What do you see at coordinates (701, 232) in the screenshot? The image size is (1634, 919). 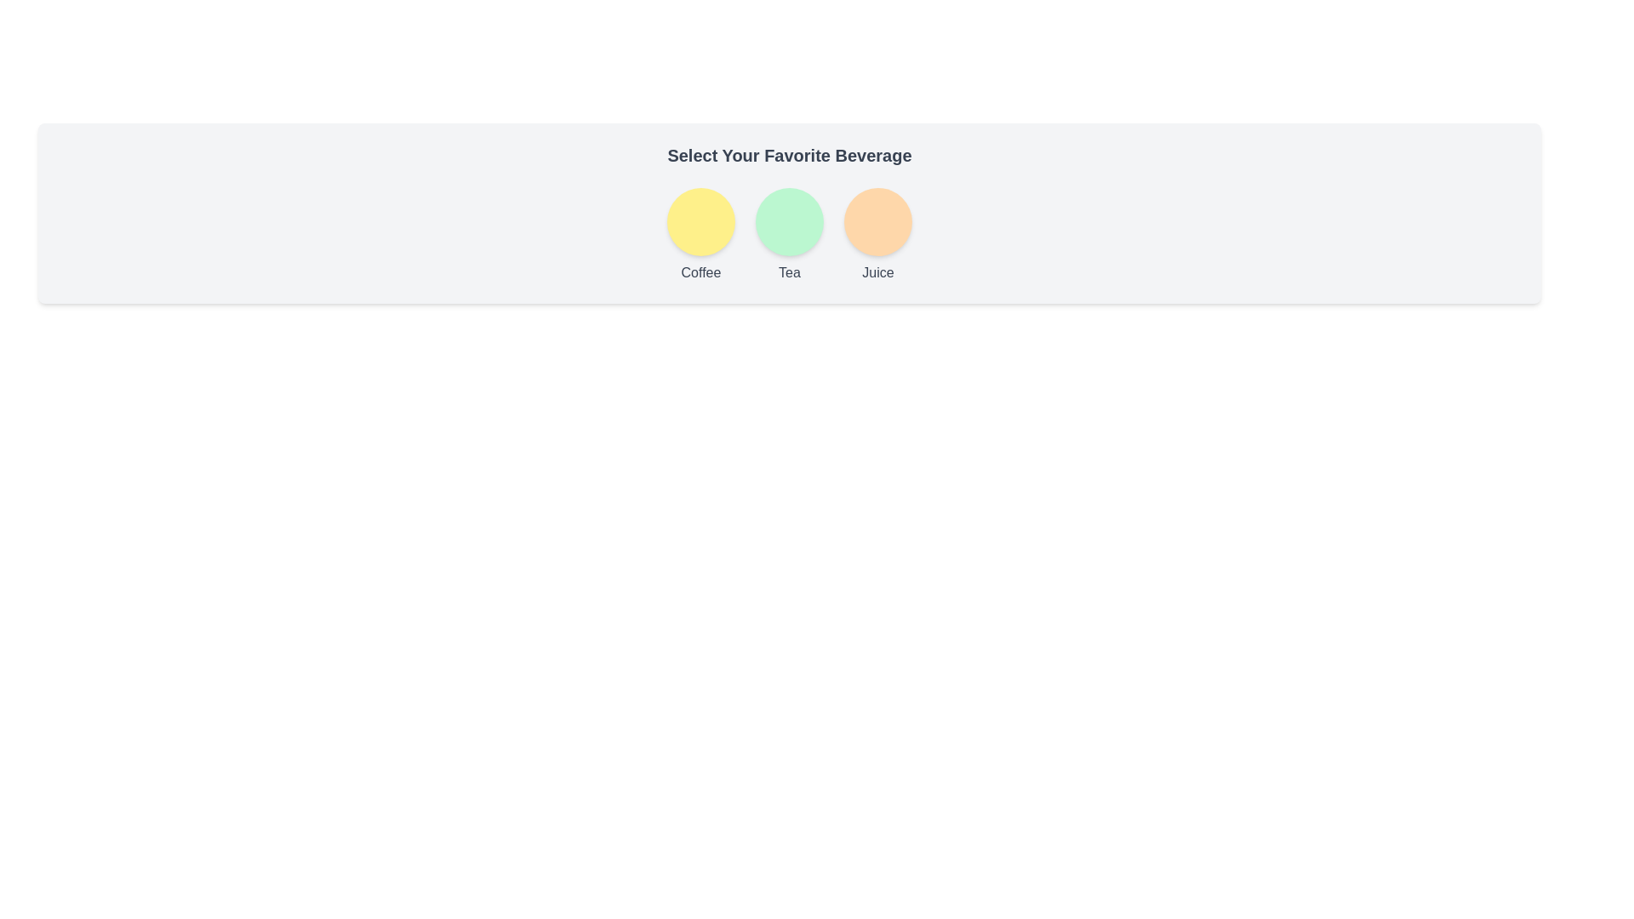 I see `the circular button labeled 'Coffee' with a yellow background` at bounding box center [701, 232].